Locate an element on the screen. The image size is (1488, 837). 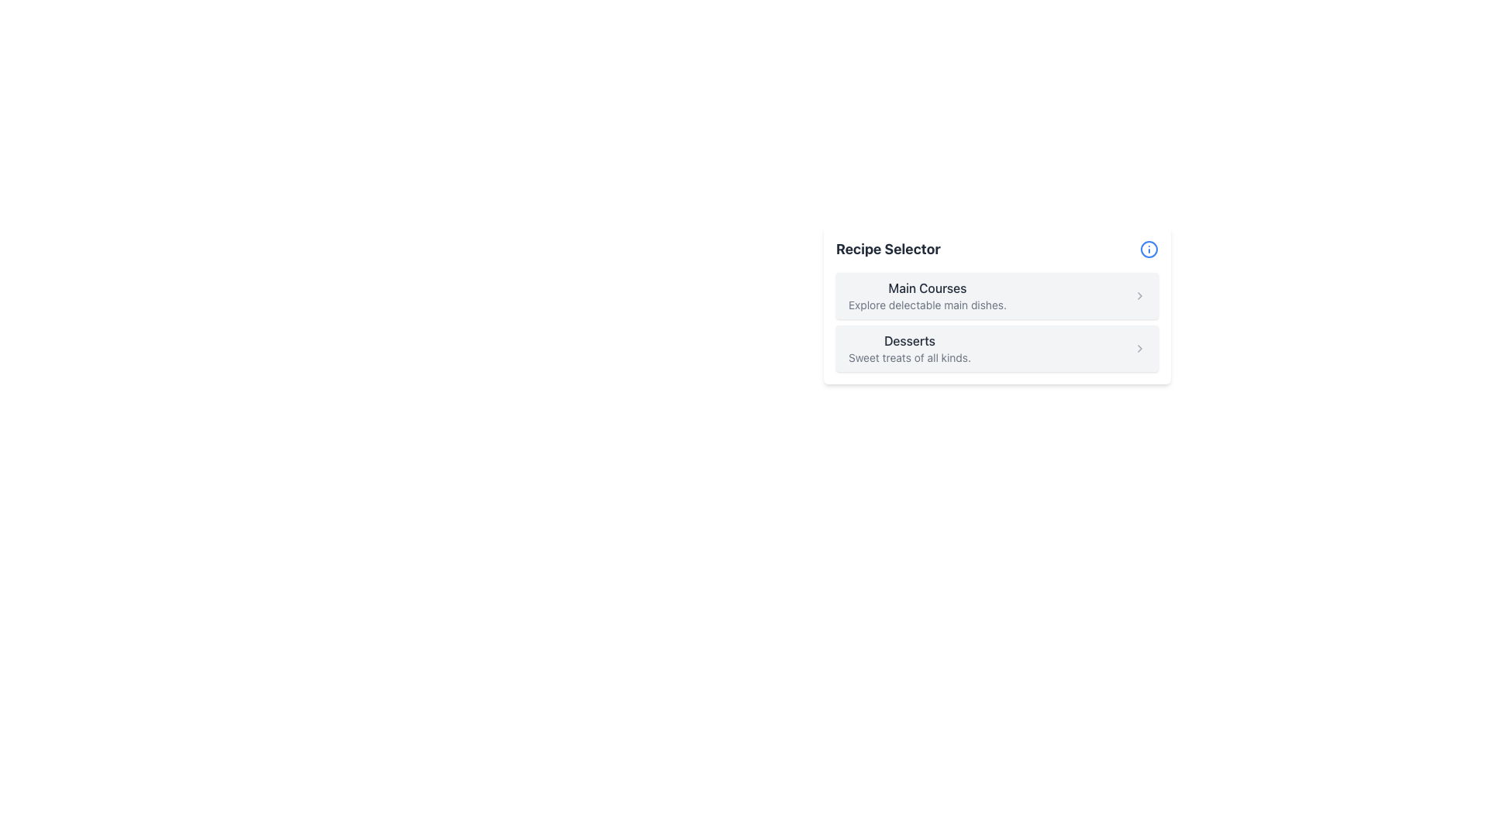
the circular blue Information Icon located in the top-right corner of the 'Recipe Selector' section, adjacent to the title text 'Recipe Selector' is located at coordinates (1149, 248).